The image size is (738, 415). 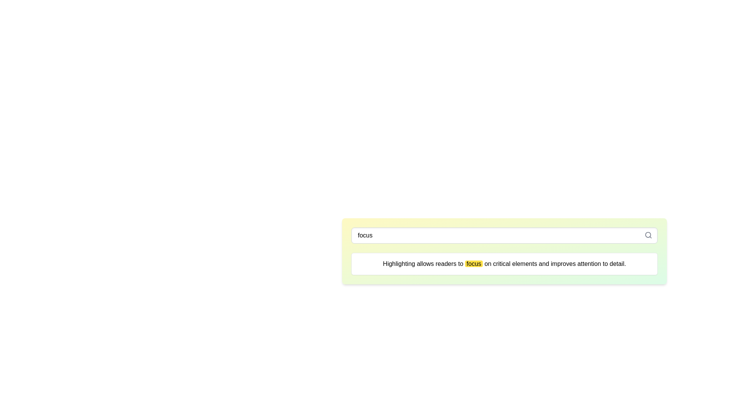 What do you see at coordinates (433, 263) in the screenshot?
I see `the informational text explaining the benefits of highlighting, located in the lower central section of the application within a white, rounded rectangle` at bounding box center [433, 263].